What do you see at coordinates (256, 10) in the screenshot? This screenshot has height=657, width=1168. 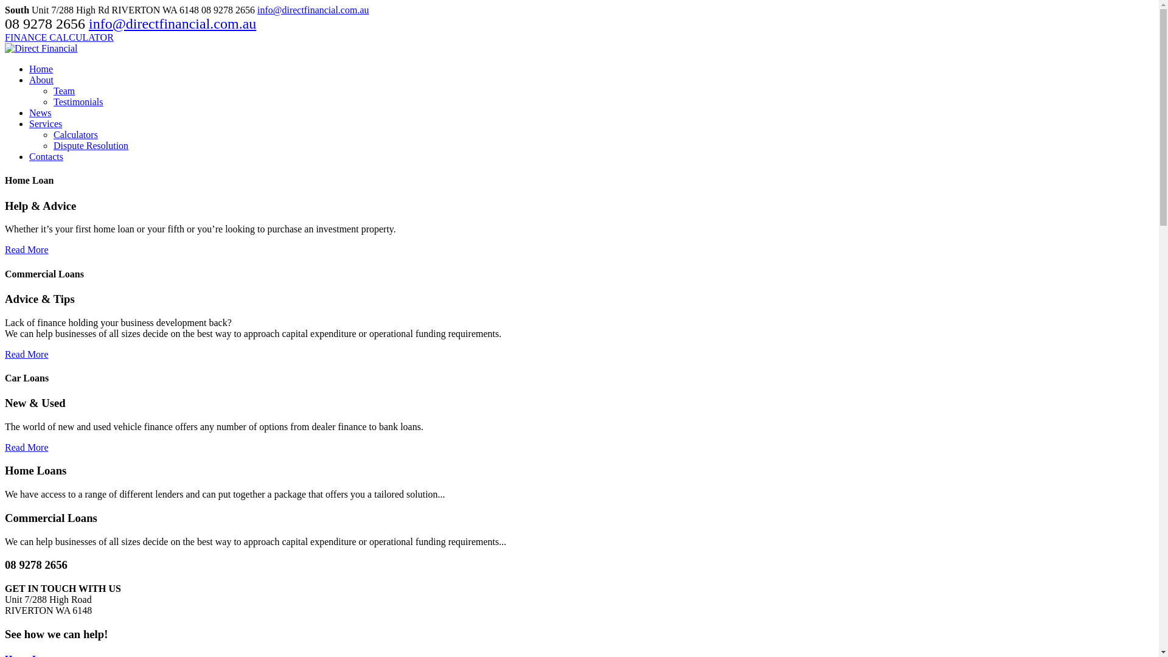 I see `'info@directfinancial.com.au'` at bounding box center [256, 10].